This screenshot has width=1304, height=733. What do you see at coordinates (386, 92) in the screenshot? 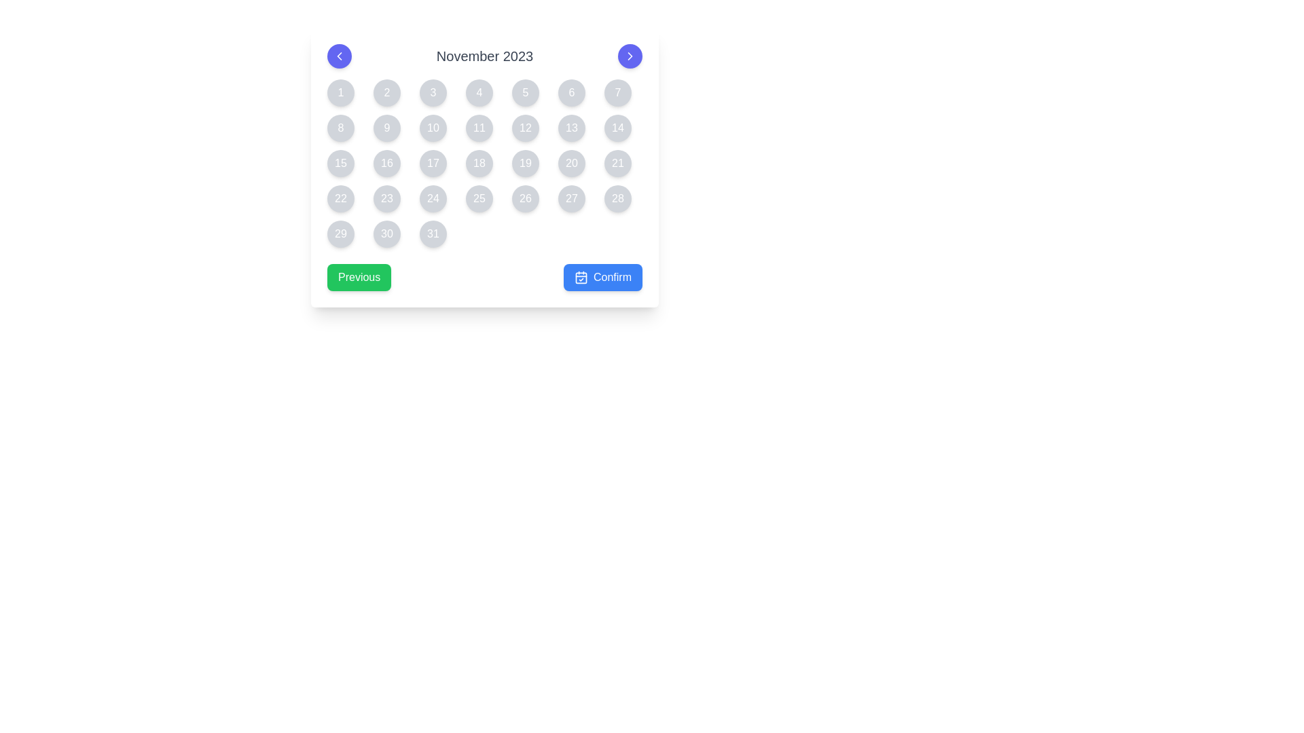
I see `the second button in the calendar interface` at bounding box center [386, 92].